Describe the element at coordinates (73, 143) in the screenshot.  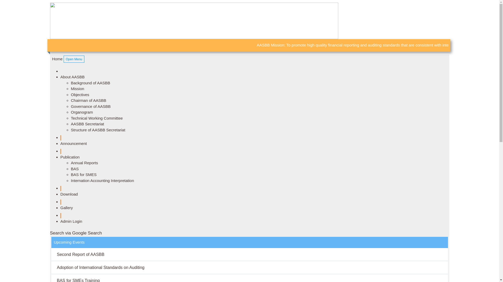
I see `'Announcement'` at that location.